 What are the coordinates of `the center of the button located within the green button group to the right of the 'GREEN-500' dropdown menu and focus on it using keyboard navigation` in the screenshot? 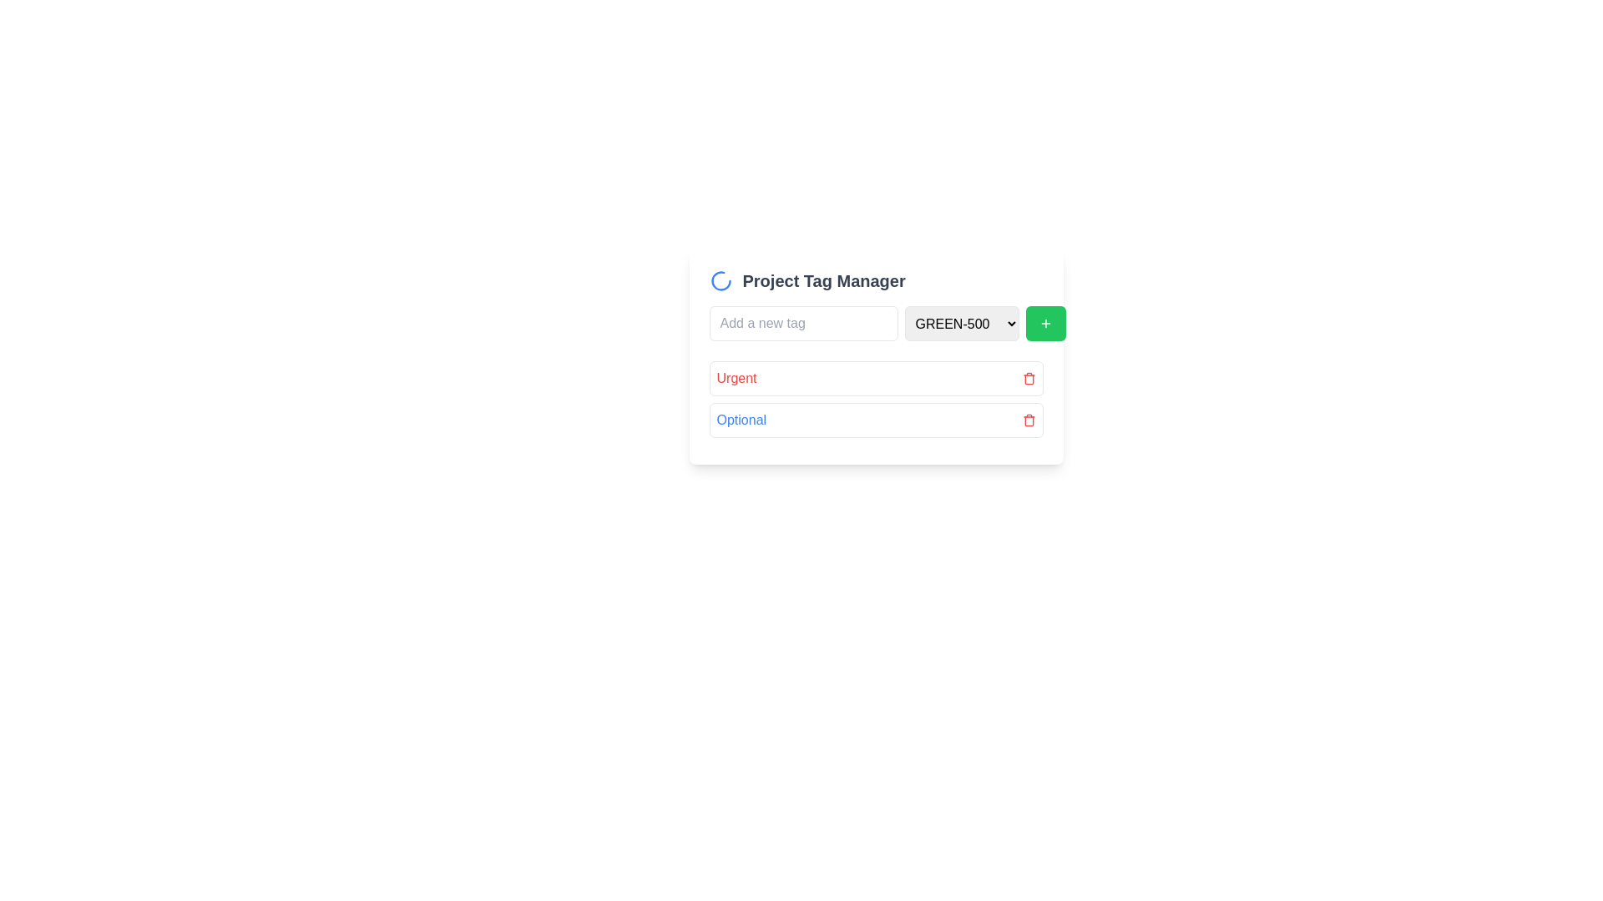 It's located at (1044, 324).